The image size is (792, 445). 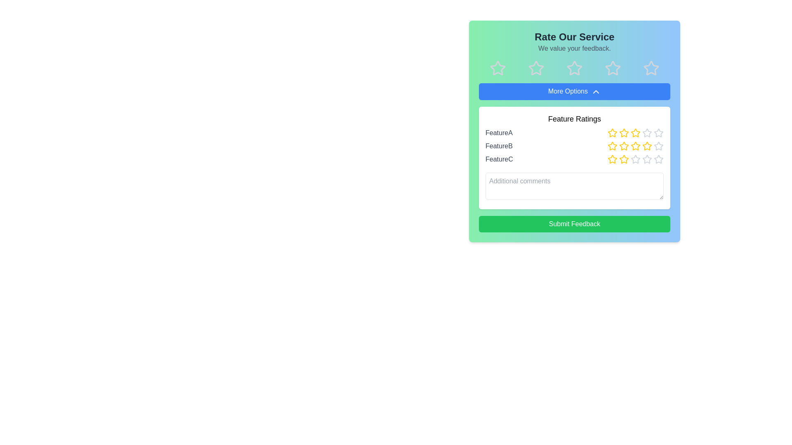 I want to click on the second yellow star icon in the rating system for 'FeatureA' in the 'Feature Ratings' section, so click(x=612, y=132).